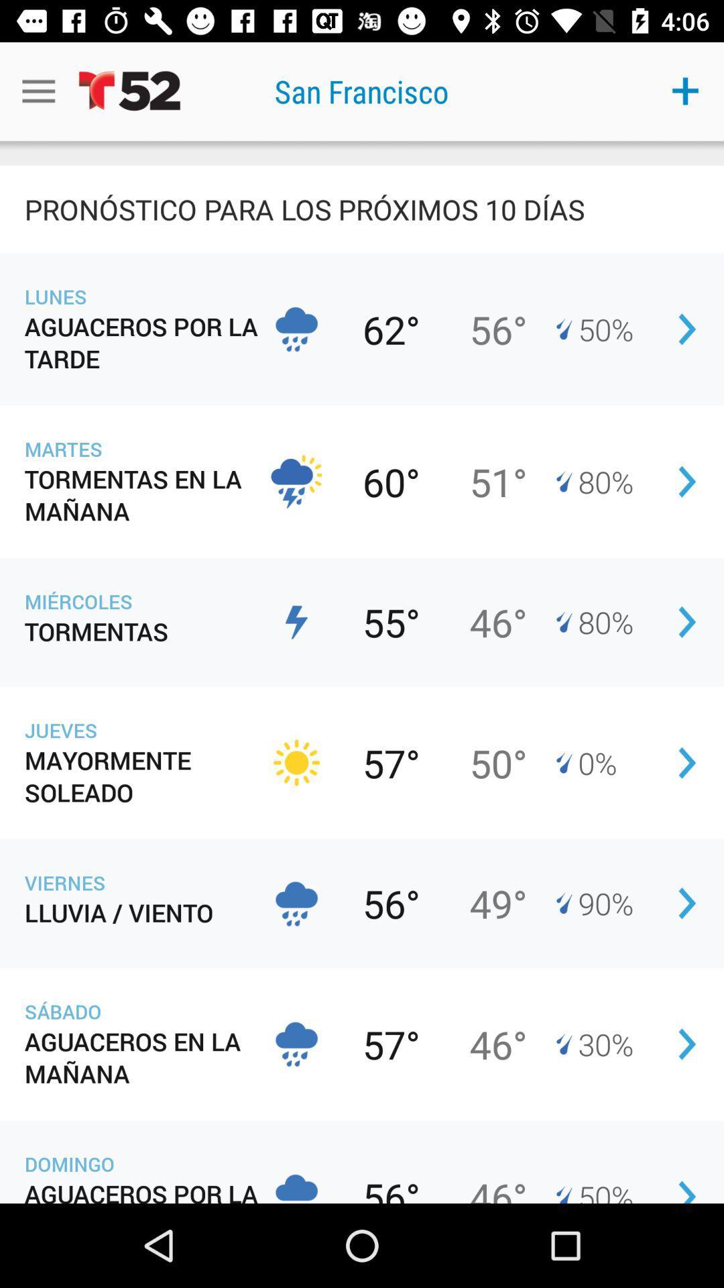 Image resolution: width=724 pixels, height=1288 pixels. Describe the element at coordinates (129, 91) in the screenshot. I see `the logo on right next to the button on the top left corner of the web page` at that location.